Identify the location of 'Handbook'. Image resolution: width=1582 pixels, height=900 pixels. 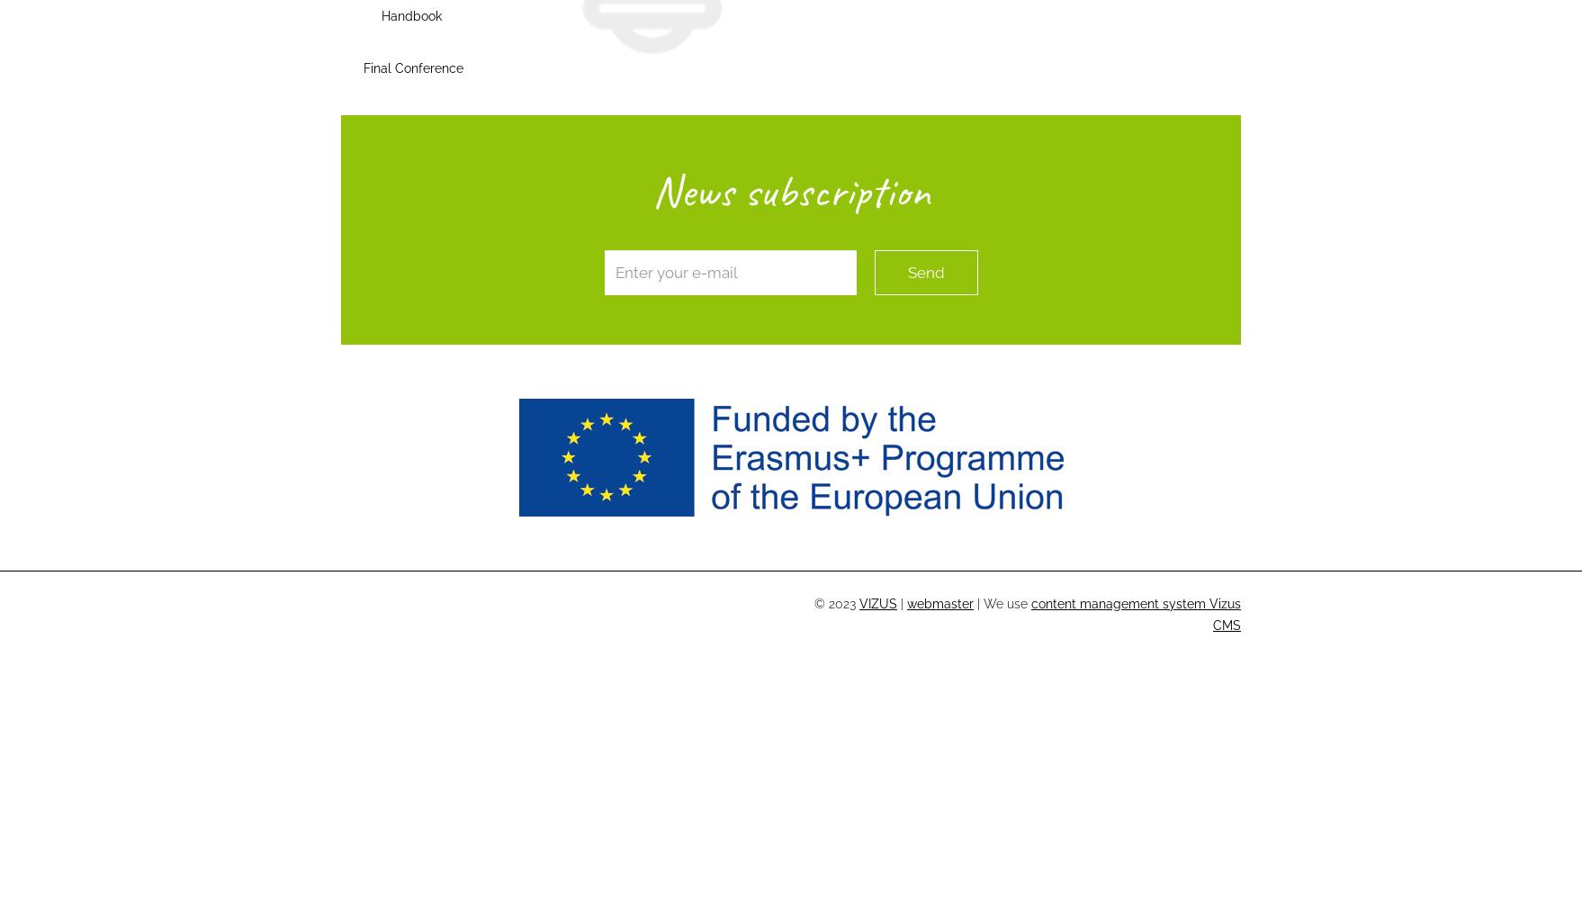
(410, 16).